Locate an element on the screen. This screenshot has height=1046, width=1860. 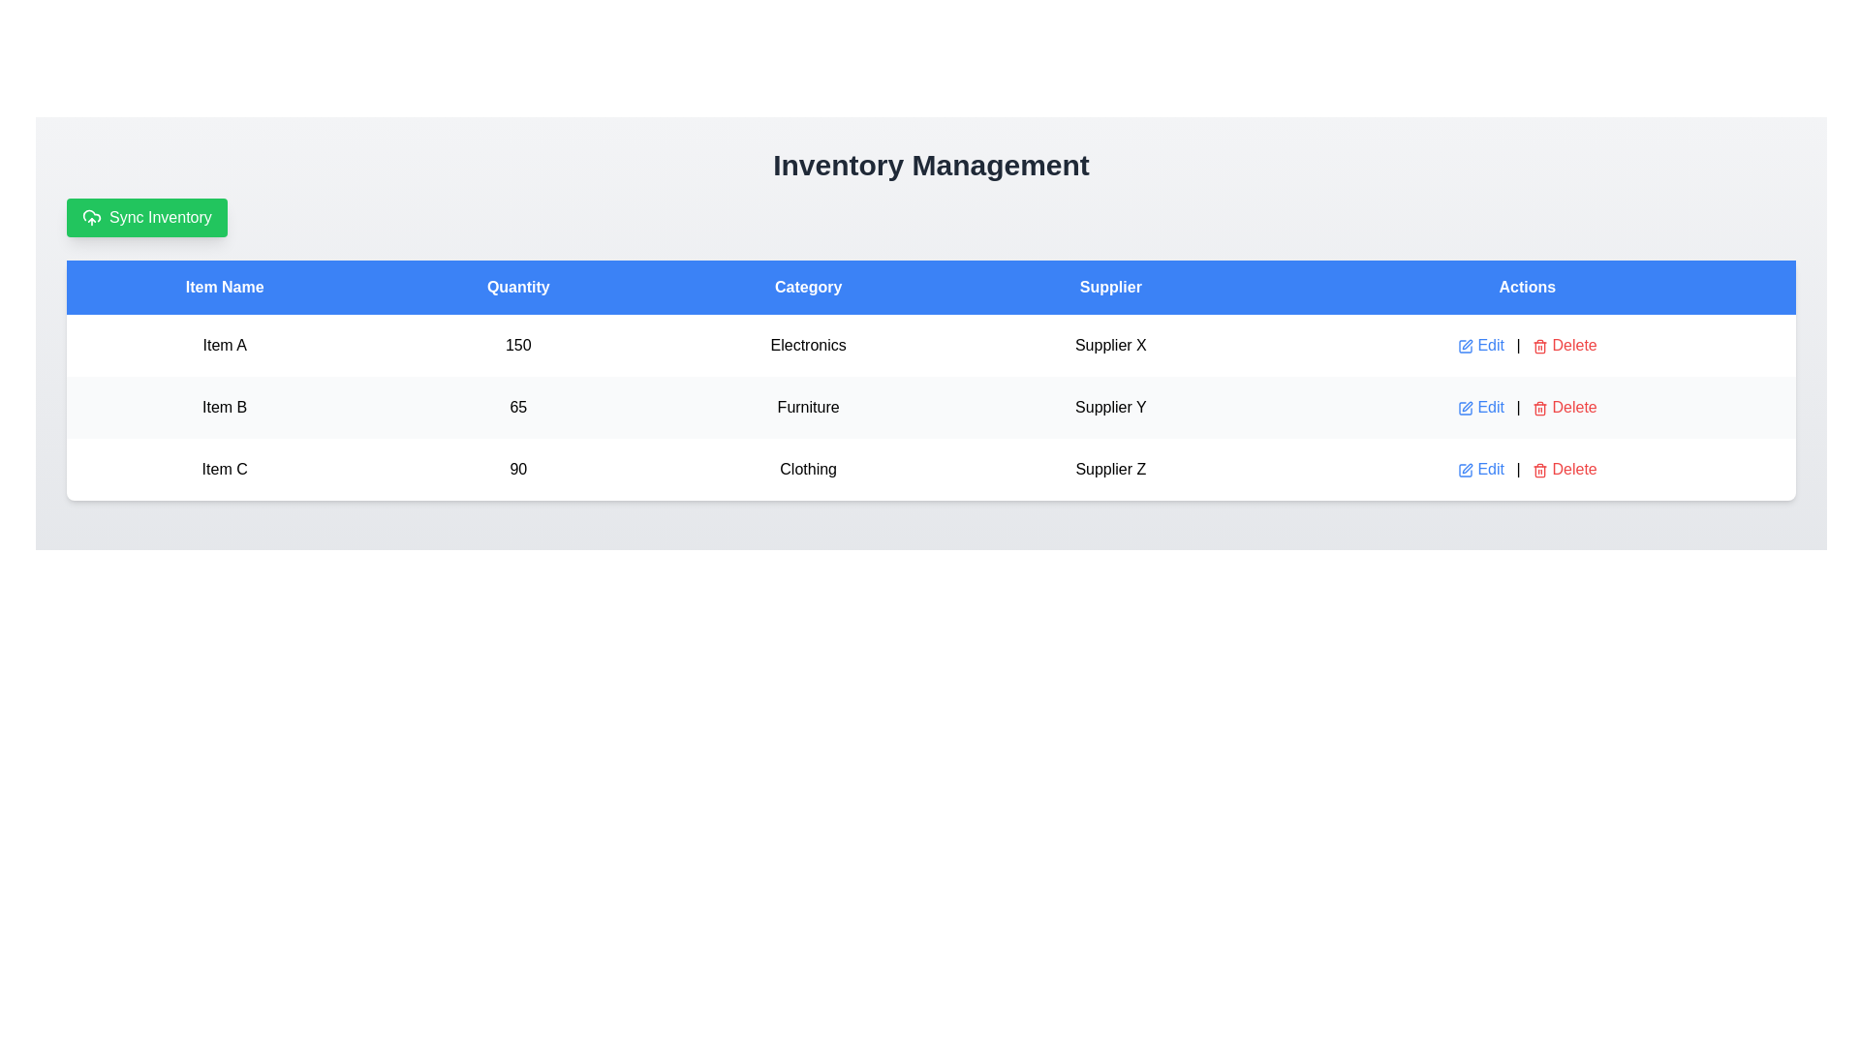
the 'Delete' option in the Action panel located in the rightmost column of the last row of the table corresponding to 'Item C' is located at coordinates (1526, 470).